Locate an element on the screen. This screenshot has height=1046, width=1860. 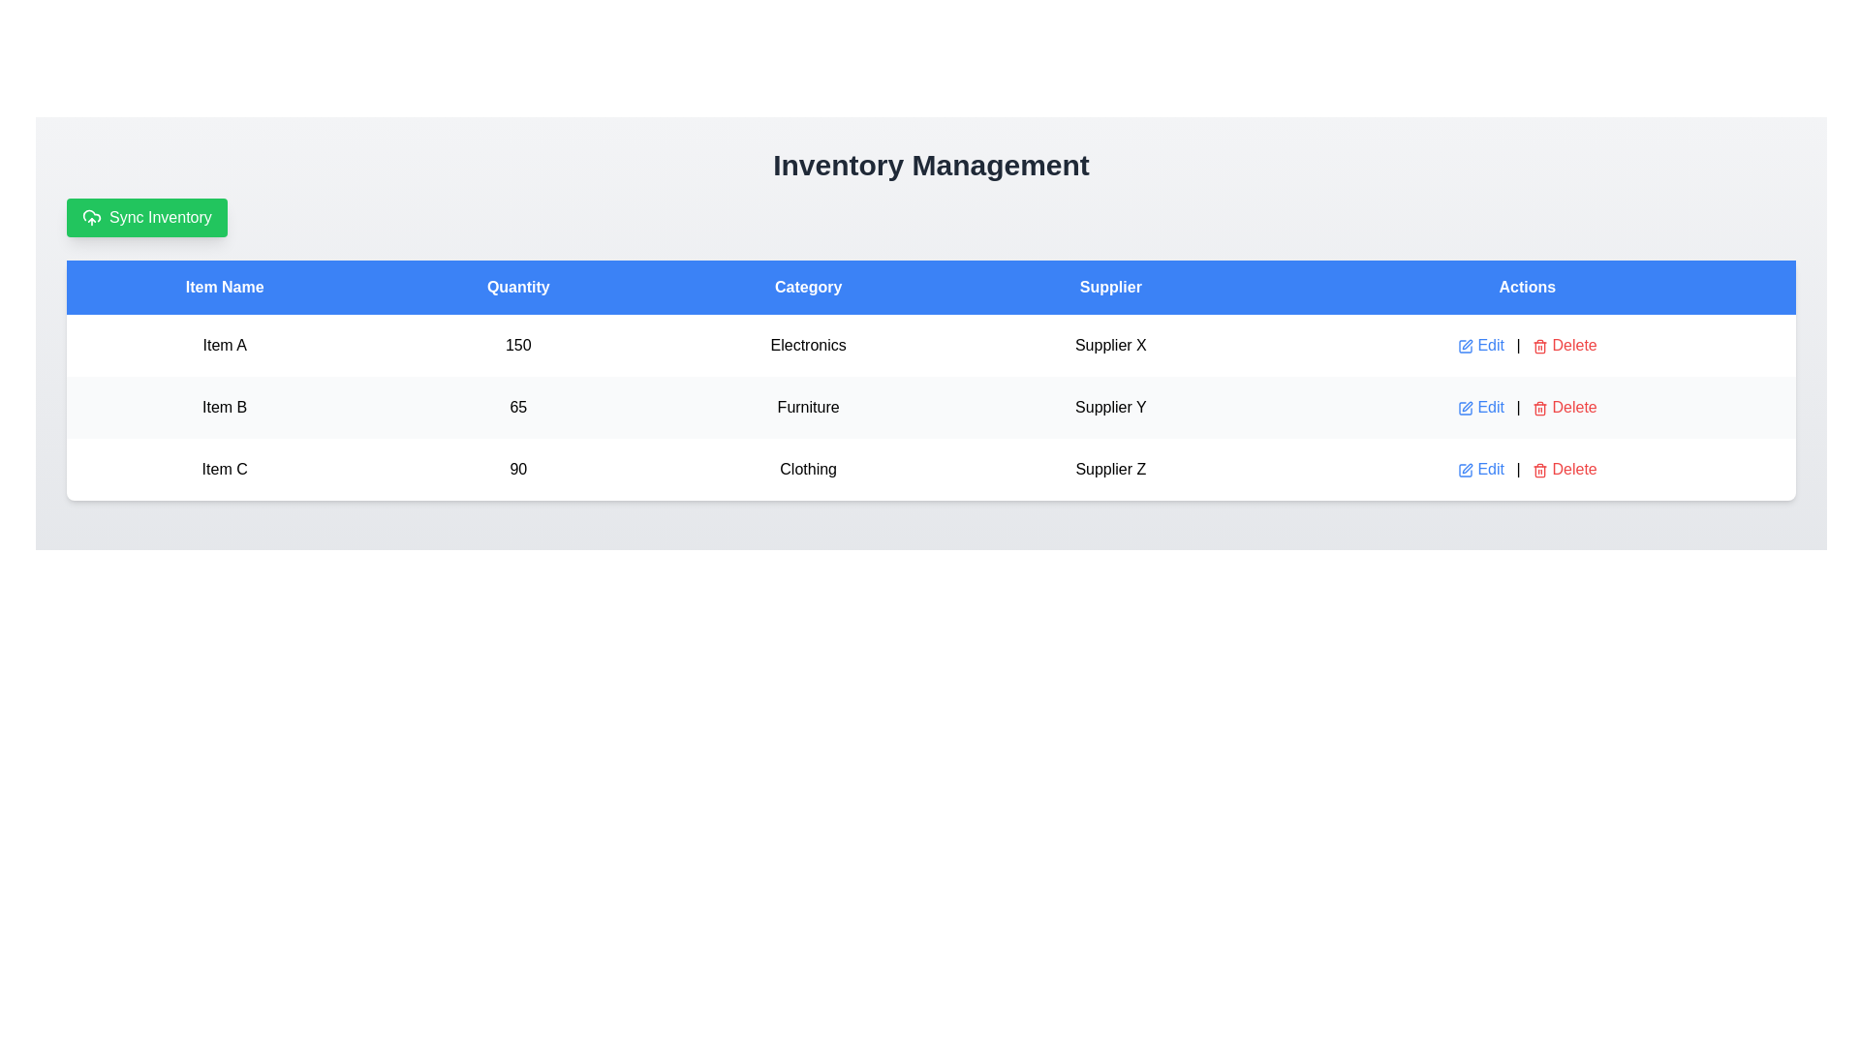
the 'Delete' option in the Action panel located in the rightmost column of the last row of the table corresponding to 'Item C' is located at coordinates (1526, 470).